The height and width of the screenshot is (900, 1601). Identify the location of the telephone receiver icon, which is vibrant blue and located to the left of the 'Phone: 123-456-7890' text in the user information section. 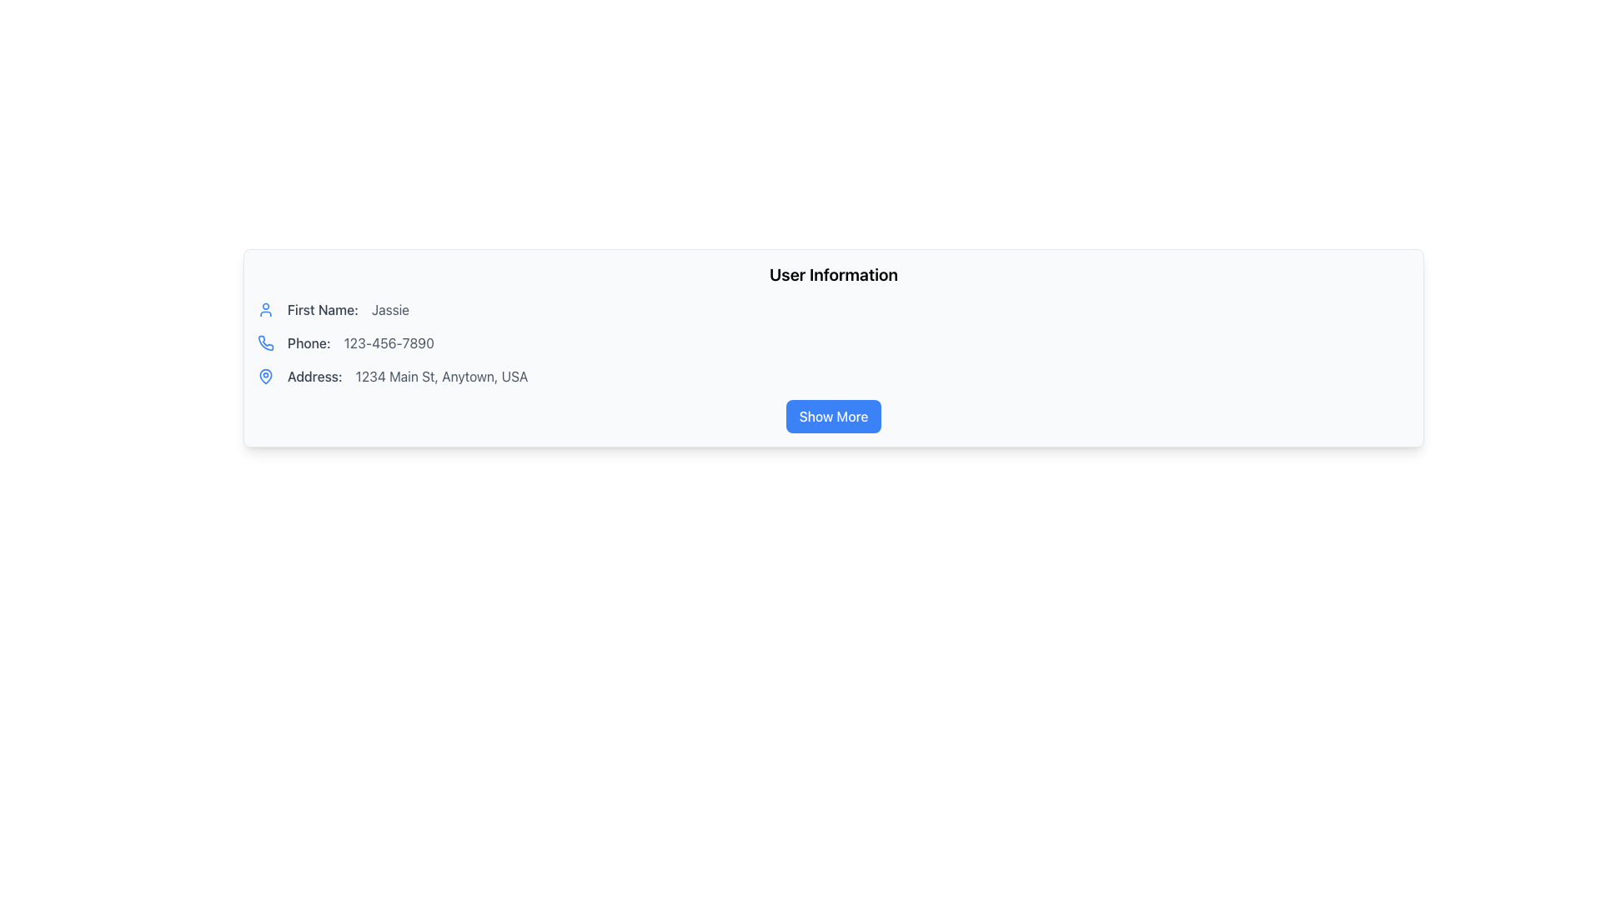
(265, 342).